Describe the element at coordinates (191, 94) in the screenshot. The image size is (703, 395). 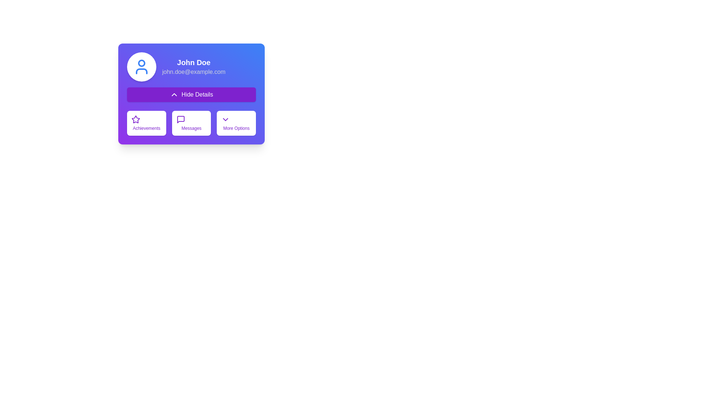
I see `the button that toggles the visibility of additional user details, located below the user details section featuring 'John Doe' and above the buttons labeled 'Achievements', 'Messages', and 'More Options'` at that location.